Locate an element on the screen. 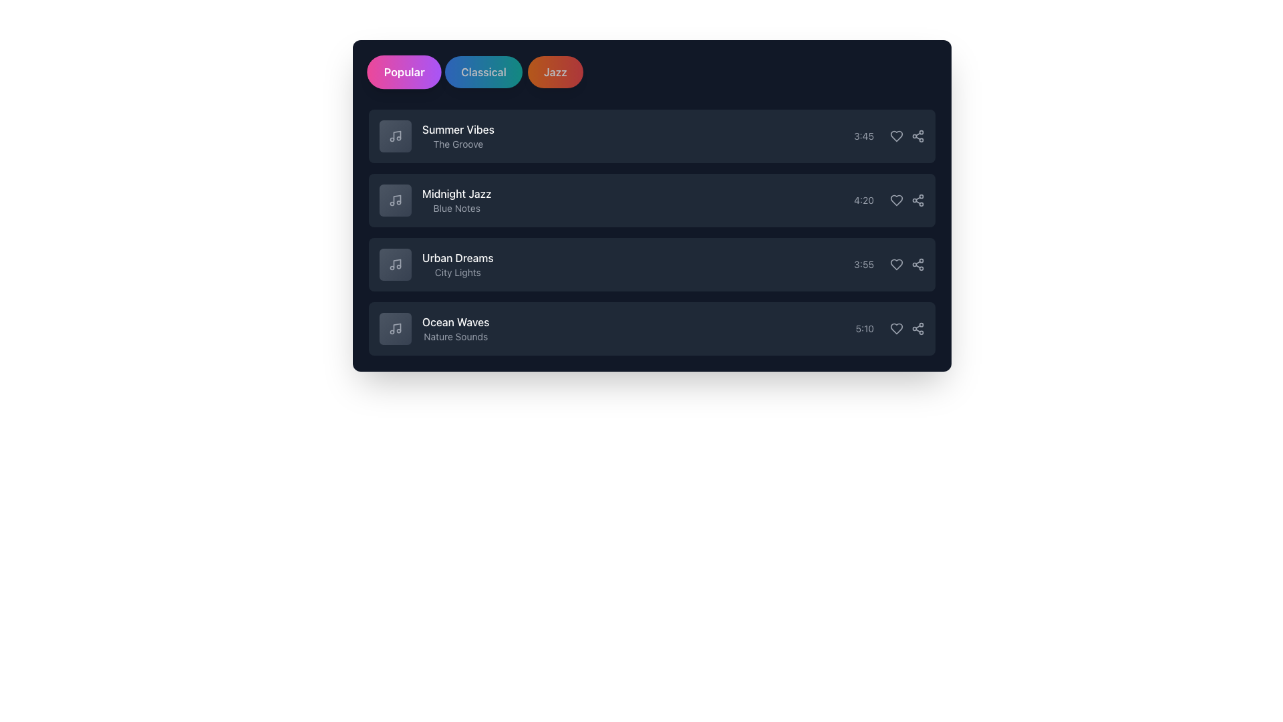  the sharing button, which is a small icon resembling a sharing structure located in the control bar of the 'Urban Dreams' list item is located at coordinates (917, 265).